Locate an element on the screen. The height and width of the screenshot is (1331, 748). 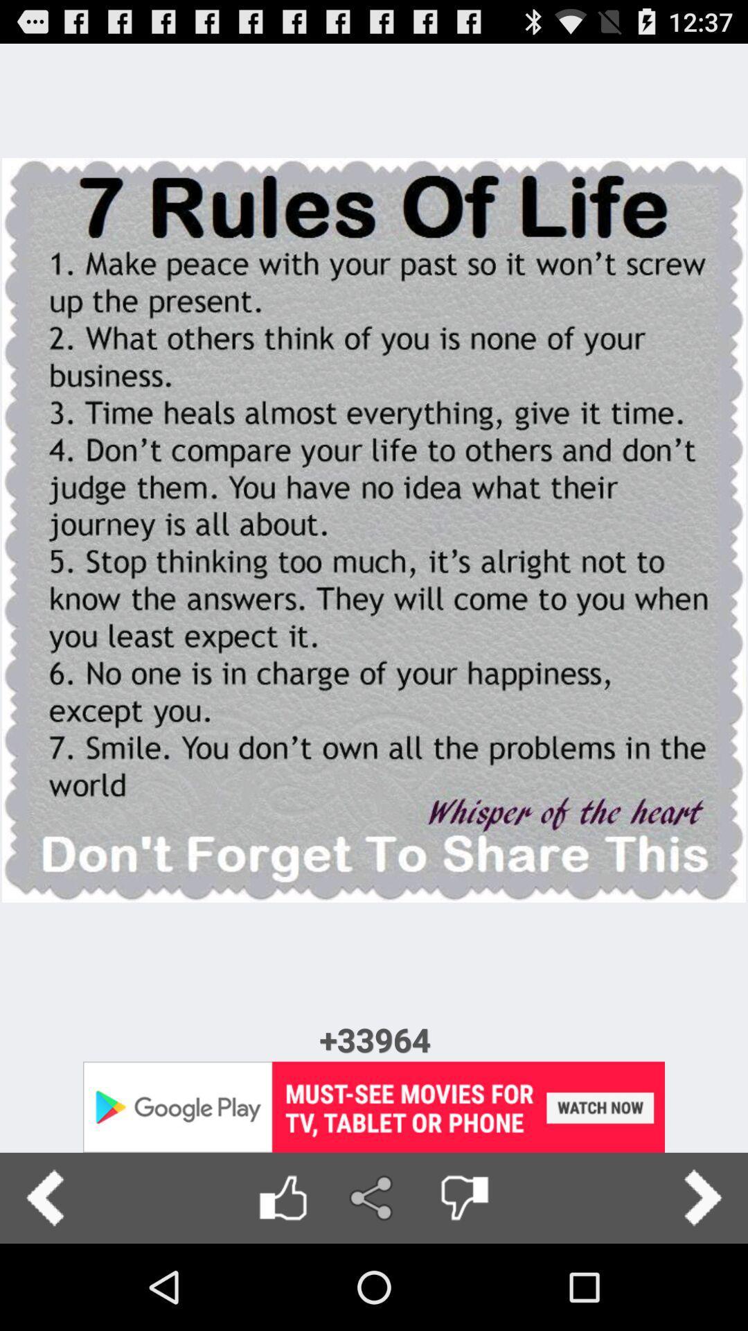
share page is located at coordinates (373, 1197).